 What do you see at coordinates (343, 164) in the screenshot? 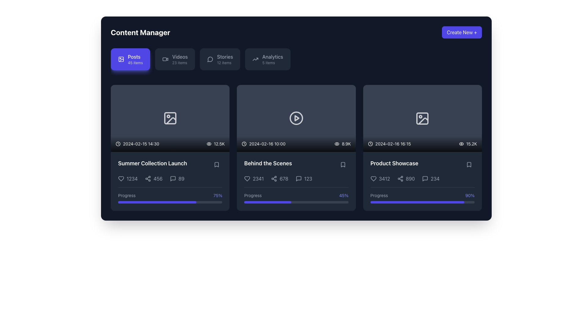
I see `the bookmark button located at the upper-right corner of the 'Behind the Scenes' card` at bounding box center [343, 164].